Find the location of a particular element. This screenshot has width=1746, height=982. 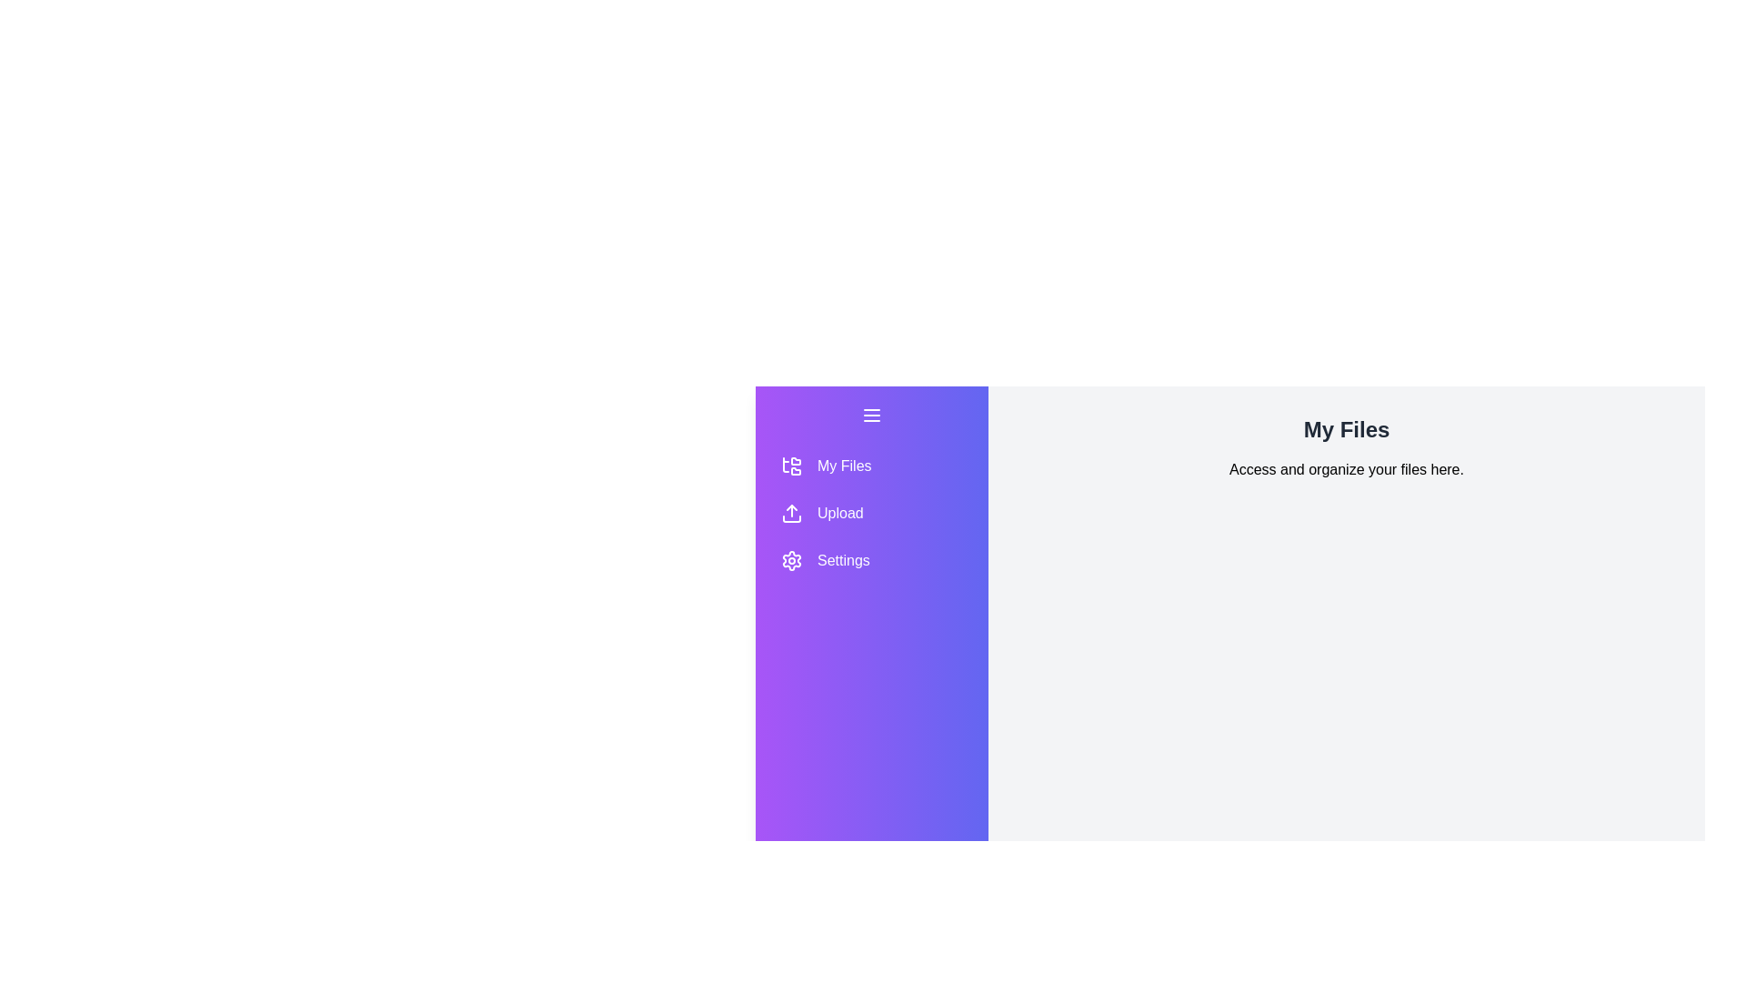

the section button to navigate to Settings is located at coordinates (871, 560).